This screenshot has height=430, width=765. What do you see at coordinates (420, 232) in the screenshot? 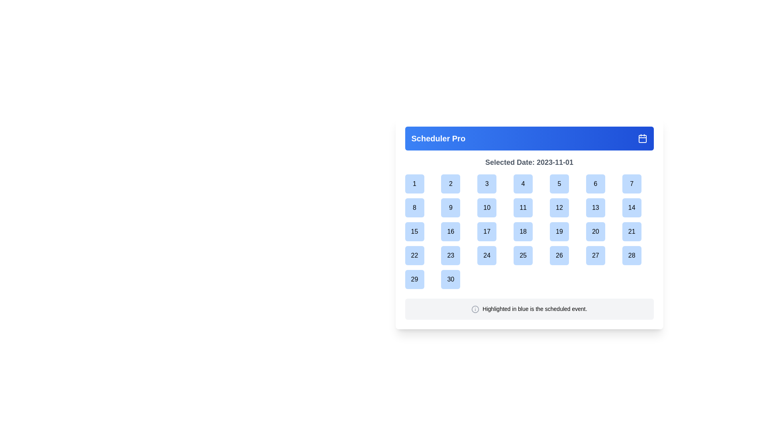
I see `the calendar cell displaying the number '15' with a light blue background` at bounding box center [420, 232].